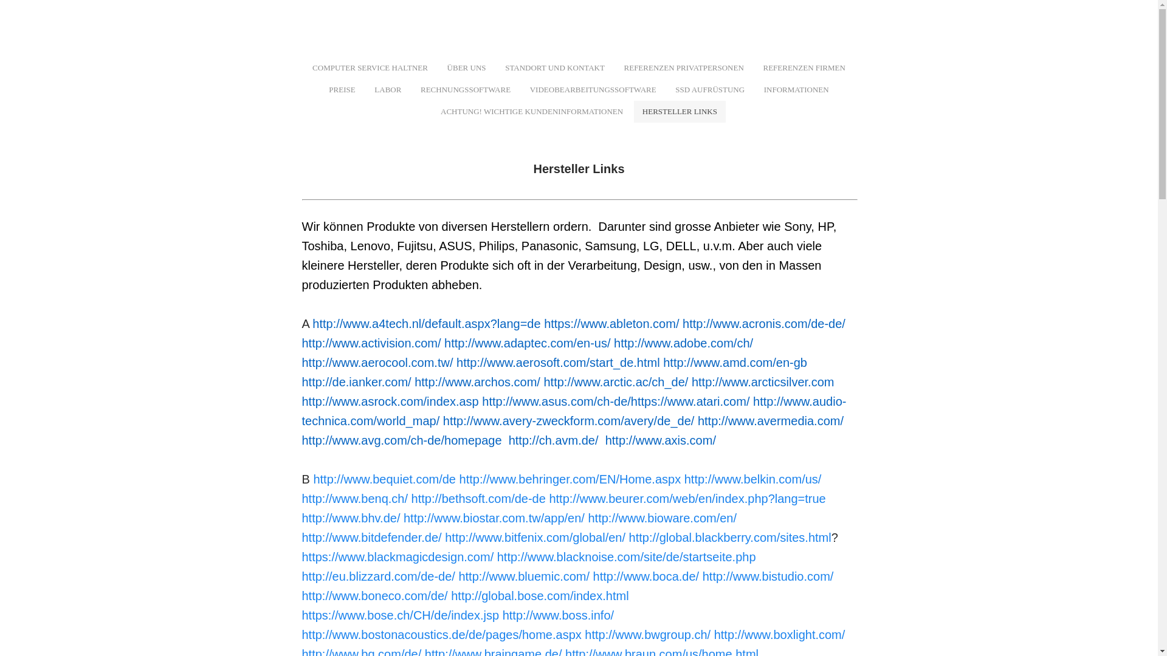 The width and height of the screenshot is (1167, 656). Describe the element at coordinates (384, 479) in the screenshot. I see `'http://www.bequiet.com/de'` at that location.